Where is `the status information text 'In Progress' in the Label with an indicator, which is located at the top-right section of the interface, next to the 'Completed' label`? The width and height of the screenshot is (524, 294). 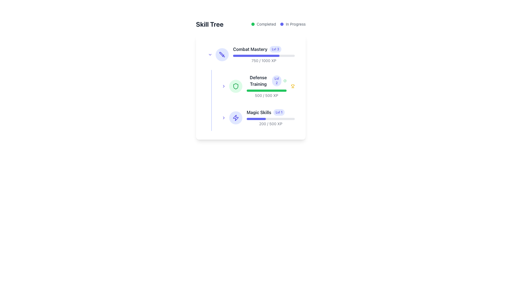 the status information text 'In Progress' in the Label with an indicator, which is located at the top-right section of the interface, next to the 'Completed' label is located at coordinates (293, 24).